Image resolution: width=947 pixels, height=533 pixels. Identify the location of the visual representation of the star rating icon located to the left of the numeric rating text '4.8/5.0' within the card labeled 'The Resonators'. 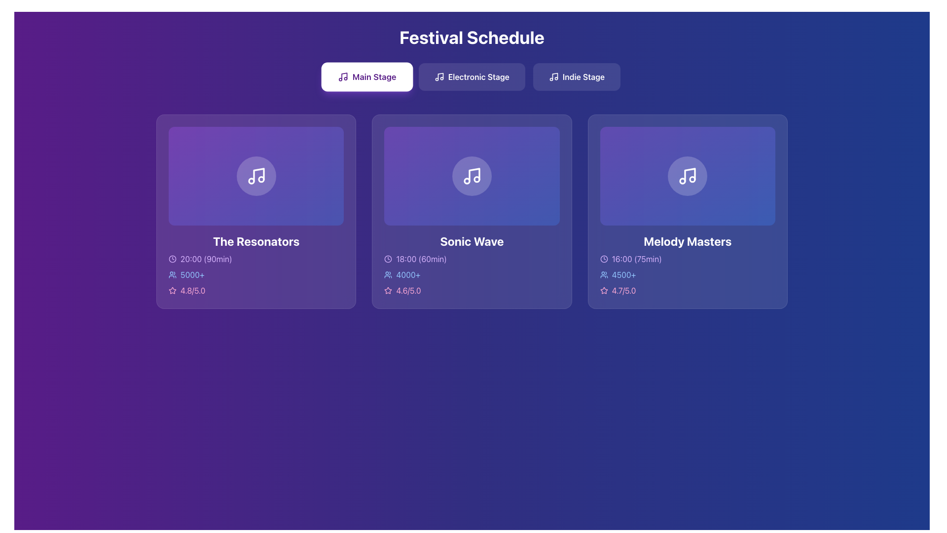
(173, 289).